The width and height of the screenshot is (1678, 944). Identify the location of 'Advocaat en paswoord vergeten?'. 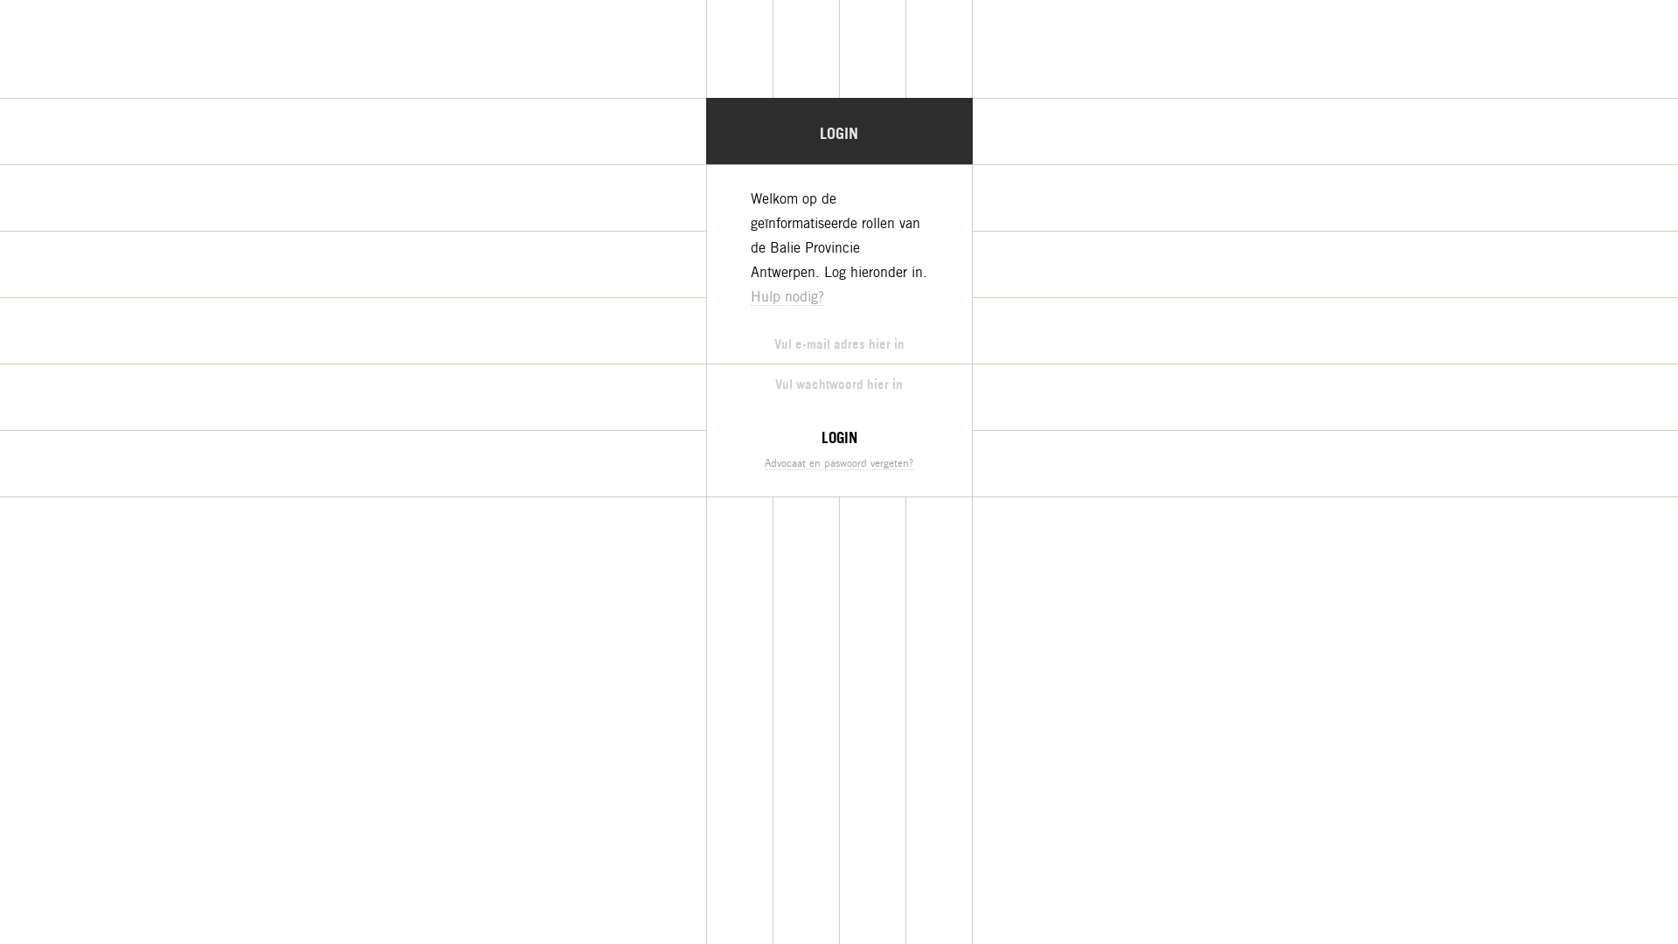
(839, 462).